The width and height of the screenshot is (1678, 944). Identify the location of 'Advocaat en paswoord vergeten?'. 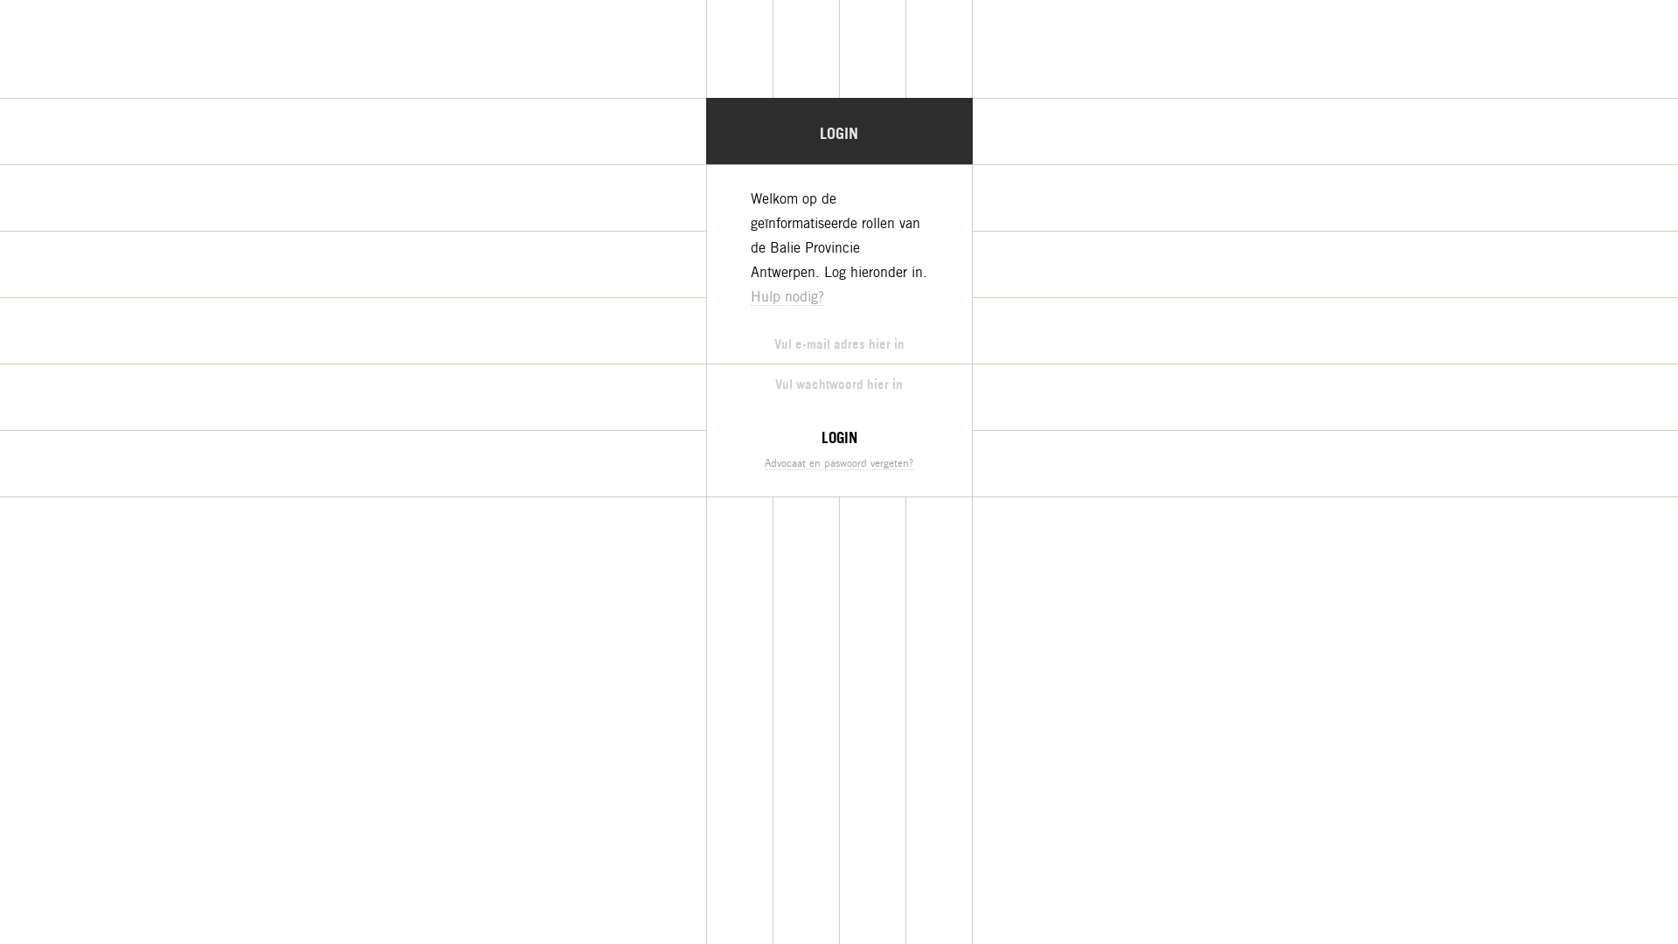
(839, 462).